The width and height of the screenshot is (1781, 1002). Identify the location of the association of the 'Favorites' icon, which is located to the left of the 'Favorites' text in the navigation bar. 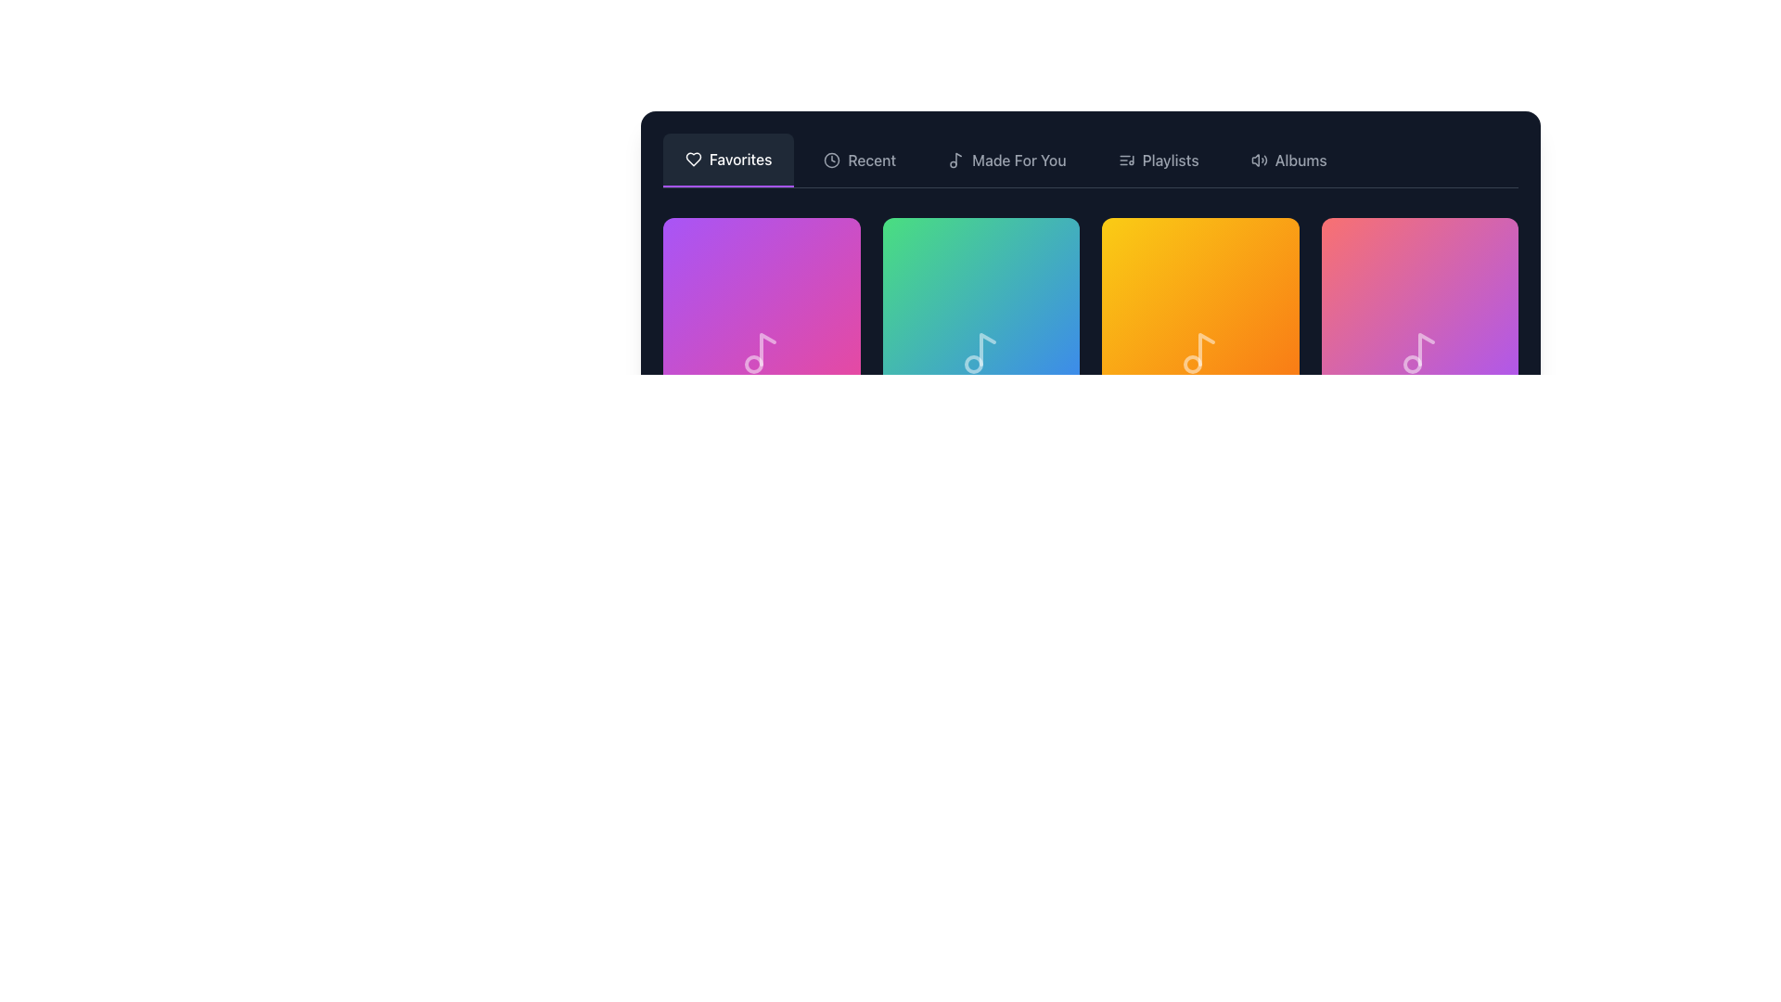
(693, 159).